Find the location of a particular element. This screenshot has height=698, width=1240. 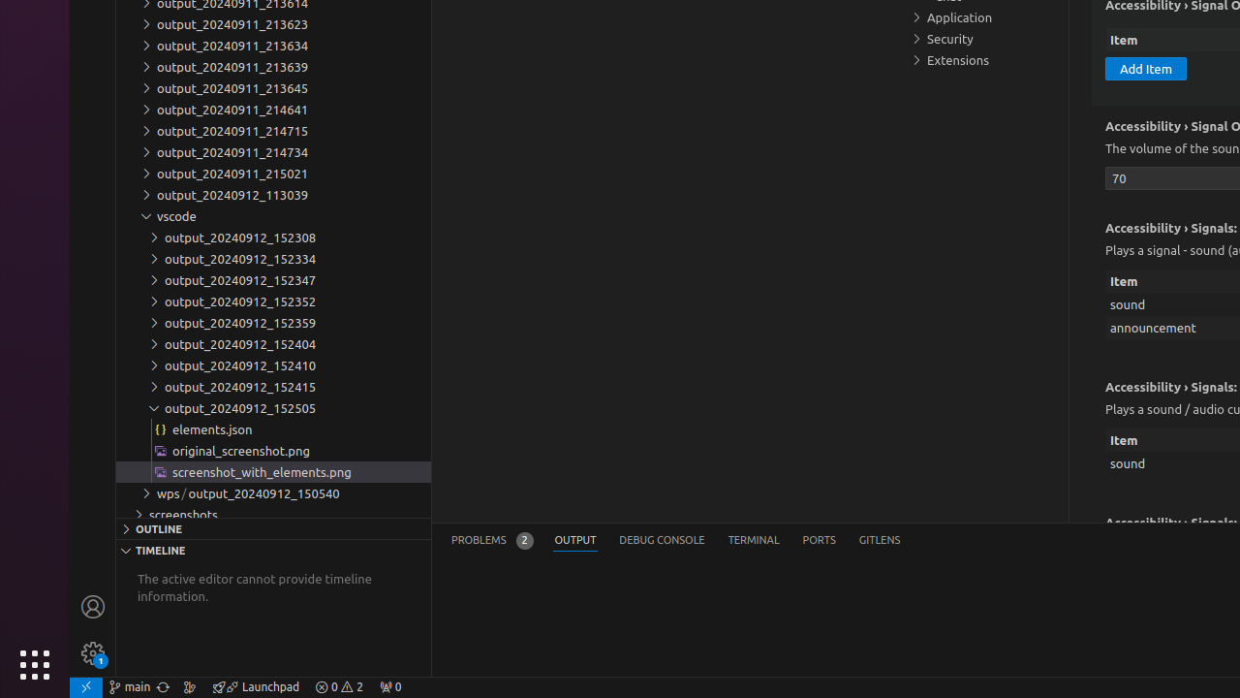

'wps' is located at coordinates (172, 492).